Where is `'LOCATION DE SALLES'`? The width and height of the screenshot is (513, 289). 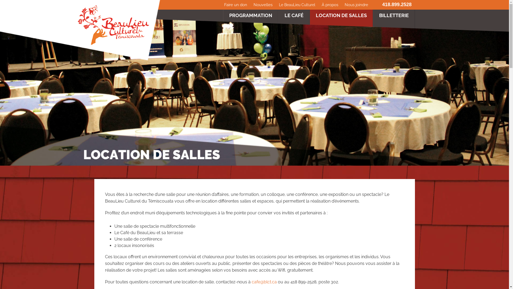
'LOCATION DE SALLES' is located at coordinates (310, 20).